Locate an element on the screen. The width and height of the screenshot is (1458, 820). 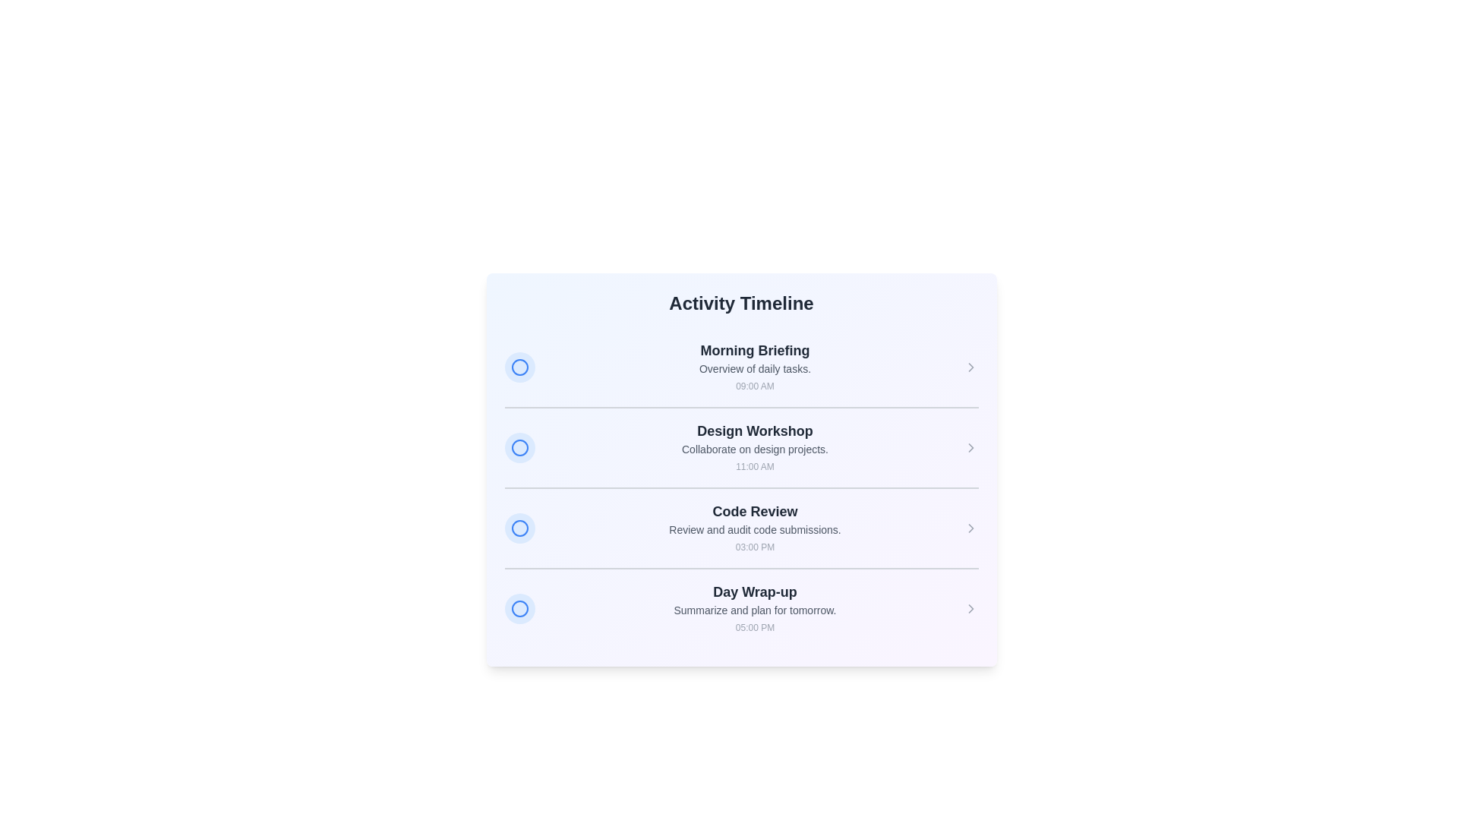
the fourth timeline list item labeled 'Day Wrap-up' which provides a description and time is located at coordinates (755, 608).